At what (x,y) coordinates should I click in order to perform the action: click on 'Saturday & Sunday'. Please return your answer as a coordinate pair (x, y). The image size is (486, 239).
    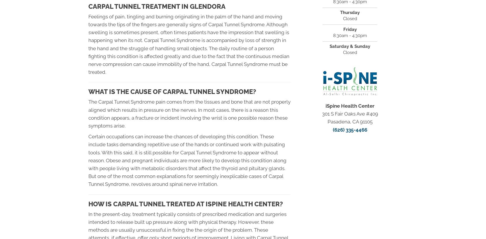
    Looking at the image, I should click on (350, 46).